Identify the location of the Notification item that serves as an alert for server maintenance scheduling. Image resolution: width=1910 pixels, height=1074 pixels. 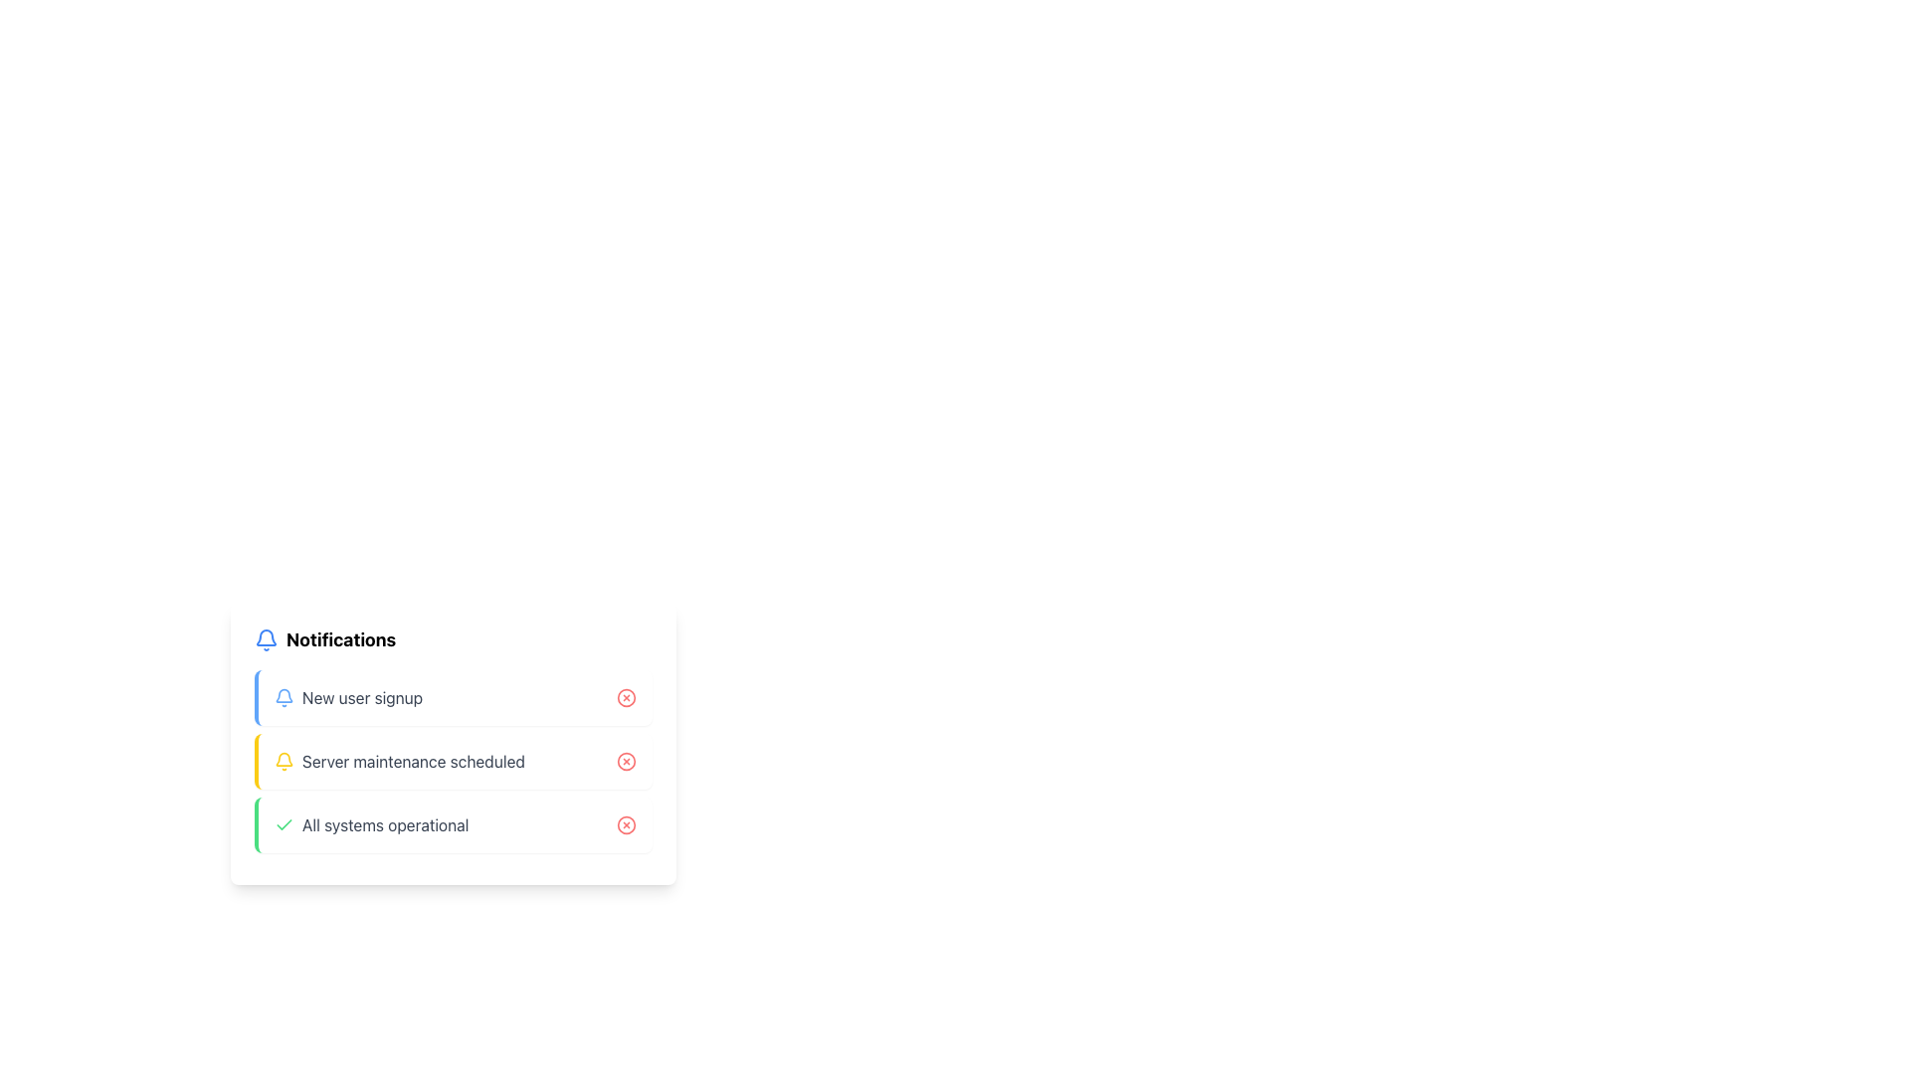
(453, 744).